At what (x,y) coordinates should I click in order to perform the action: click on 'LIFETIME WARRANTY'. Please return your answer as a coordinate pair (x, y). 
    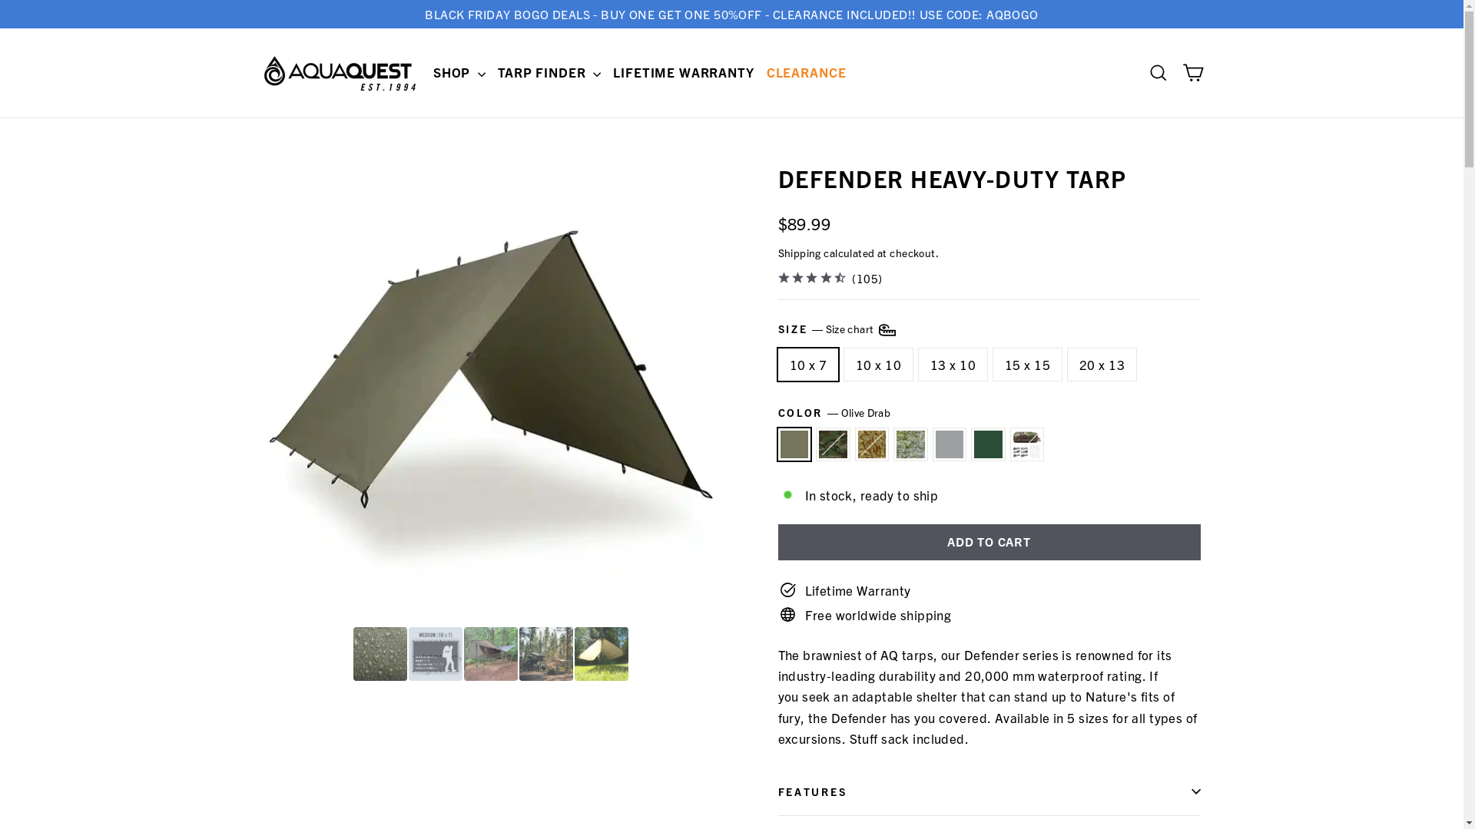
    Looking at the image, I should click on (606, 71).